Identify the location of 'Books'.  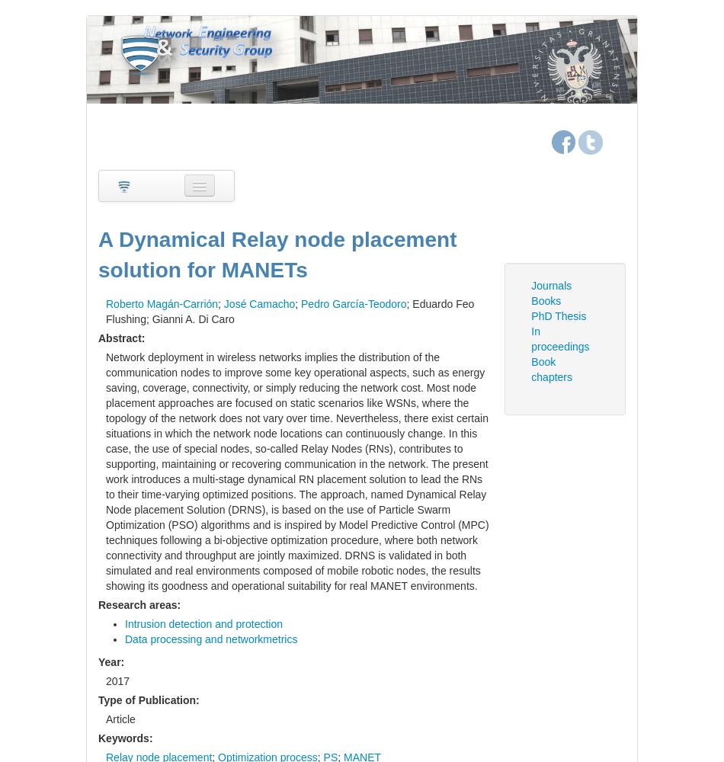
(545, 300).